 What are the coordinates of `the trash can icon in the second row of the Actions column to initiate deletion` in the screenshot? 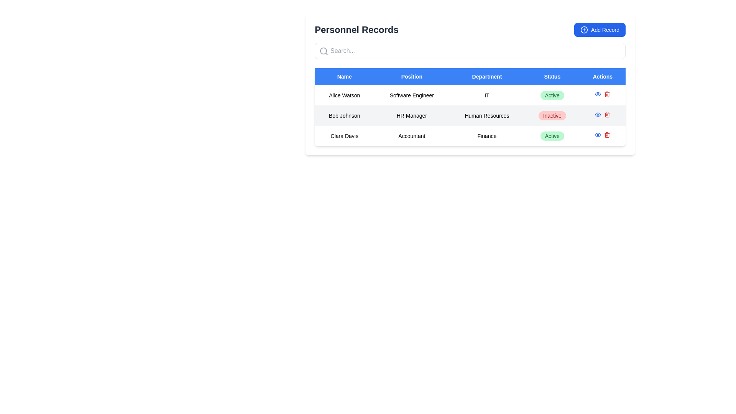 It's located at (607, 94).